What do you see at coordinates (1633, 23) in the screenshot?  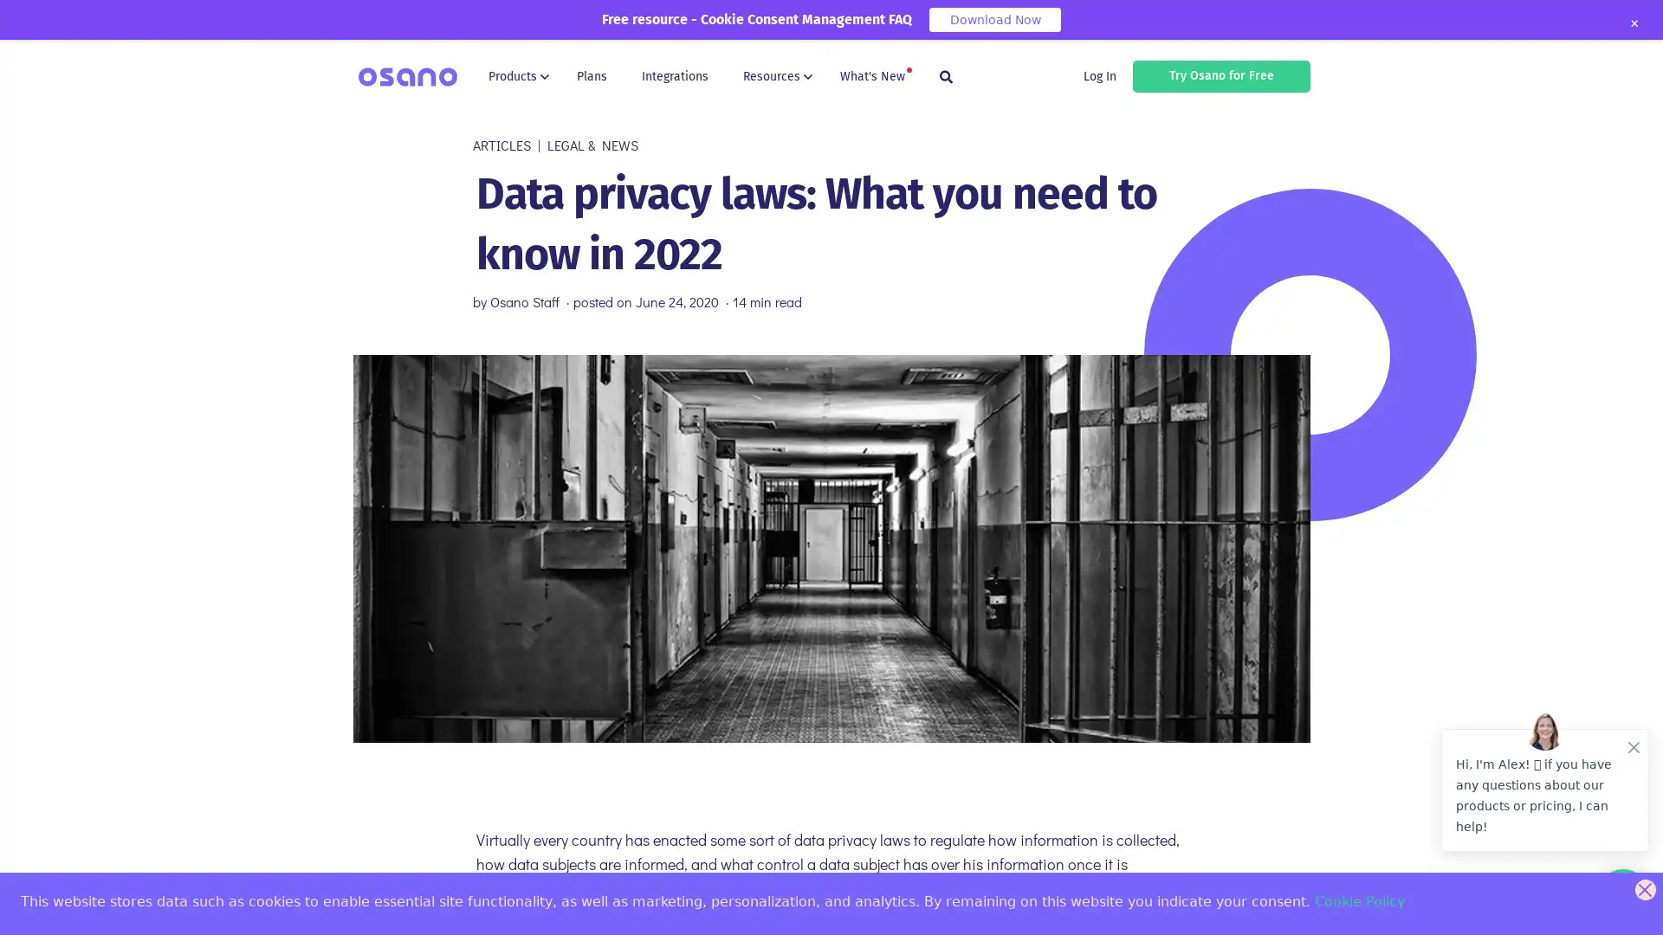 I see `Close` at bounding box center [1633, 23].